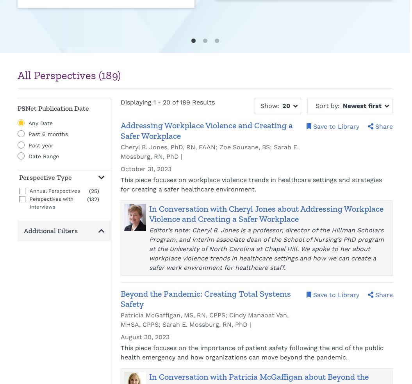  Describe the element at coordinates (88, 191) in the screenshot. I see `'(25)'` at that location.